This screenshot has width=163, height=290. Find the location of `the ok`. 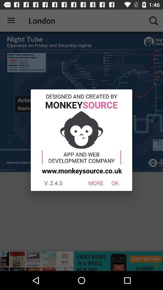

the ok is located at coordinates (115, 182).